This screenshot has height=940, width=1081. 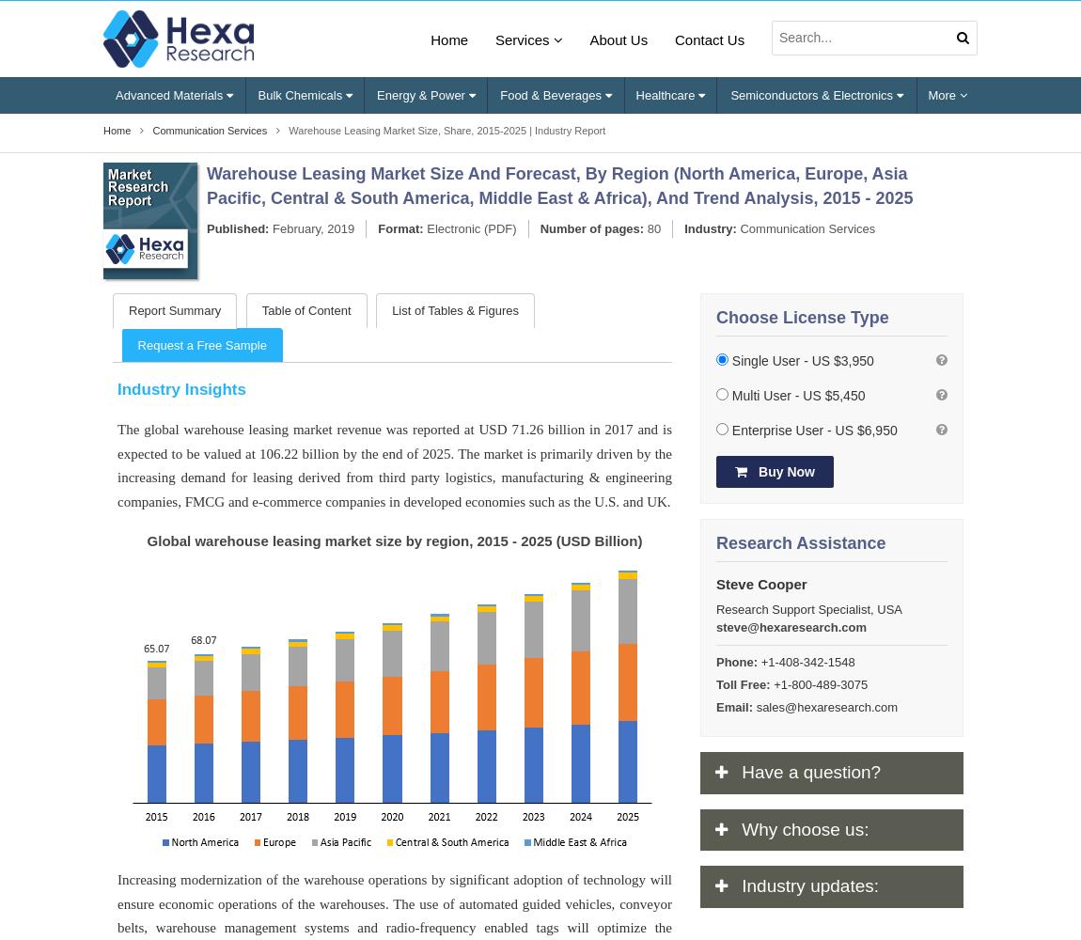 What do you see at coordinates (311, 227) in the screenshot?
I see `'February, 2019'` at bounding box center [311, 227].